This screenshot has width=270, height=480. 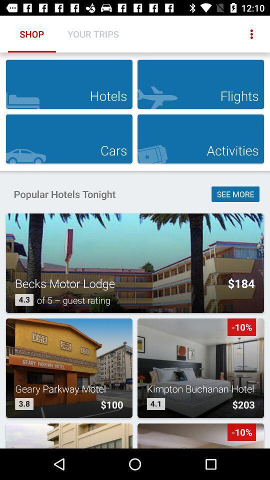 I want to click on item next to the your trips icon, so click(x=251, y=34).